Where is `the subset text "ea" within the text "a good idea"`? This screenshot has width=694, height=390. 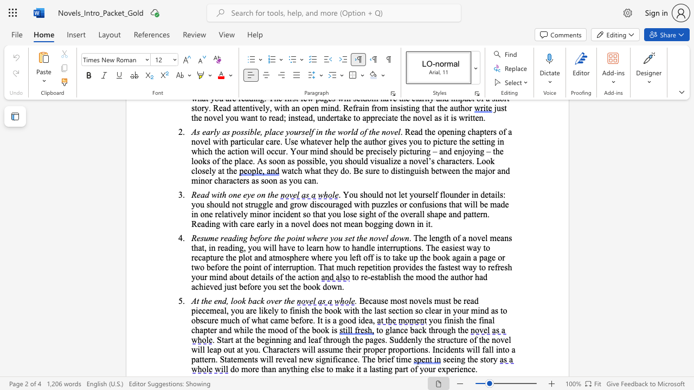 the subset text "ea" within the text "a good idea" is located at coordinates (365, 320).